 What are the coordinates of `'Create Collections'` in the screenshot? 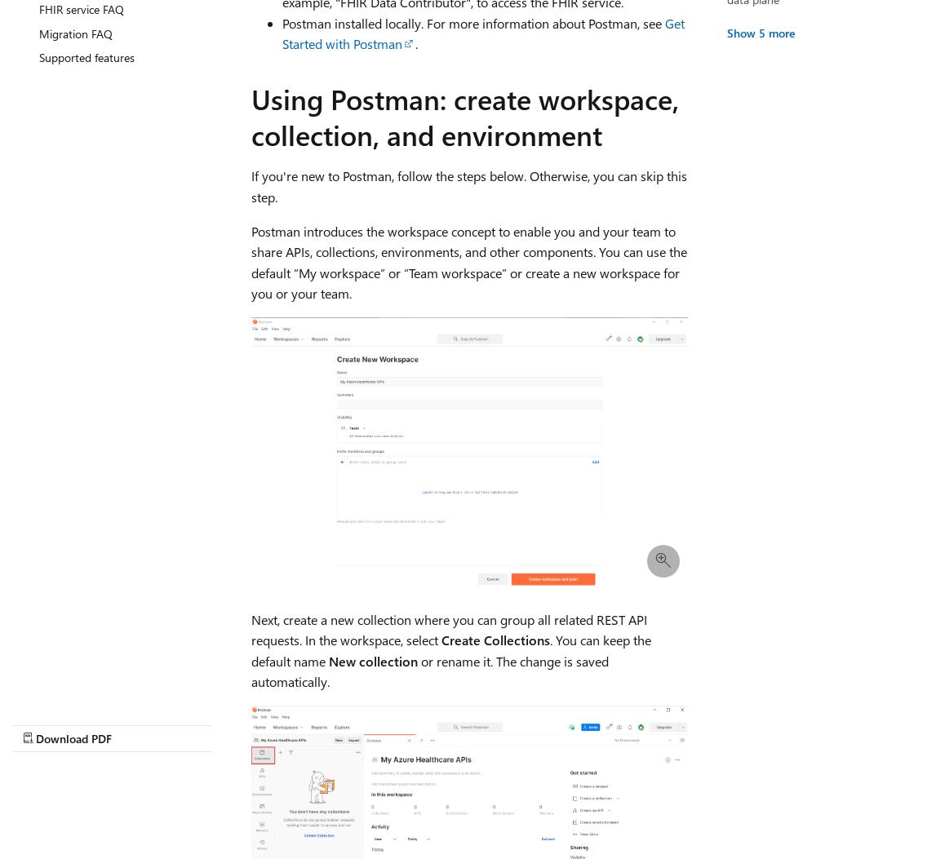 It's located at (494, 640).